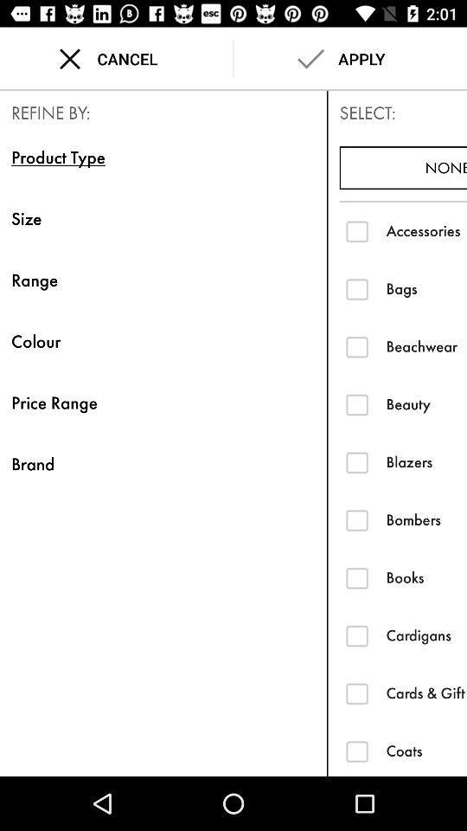 The height and width of the screenshot is (831, 467). Describe the element at coordinates (425, 635) in the screenshot. I see `the icon below the books` at that location.